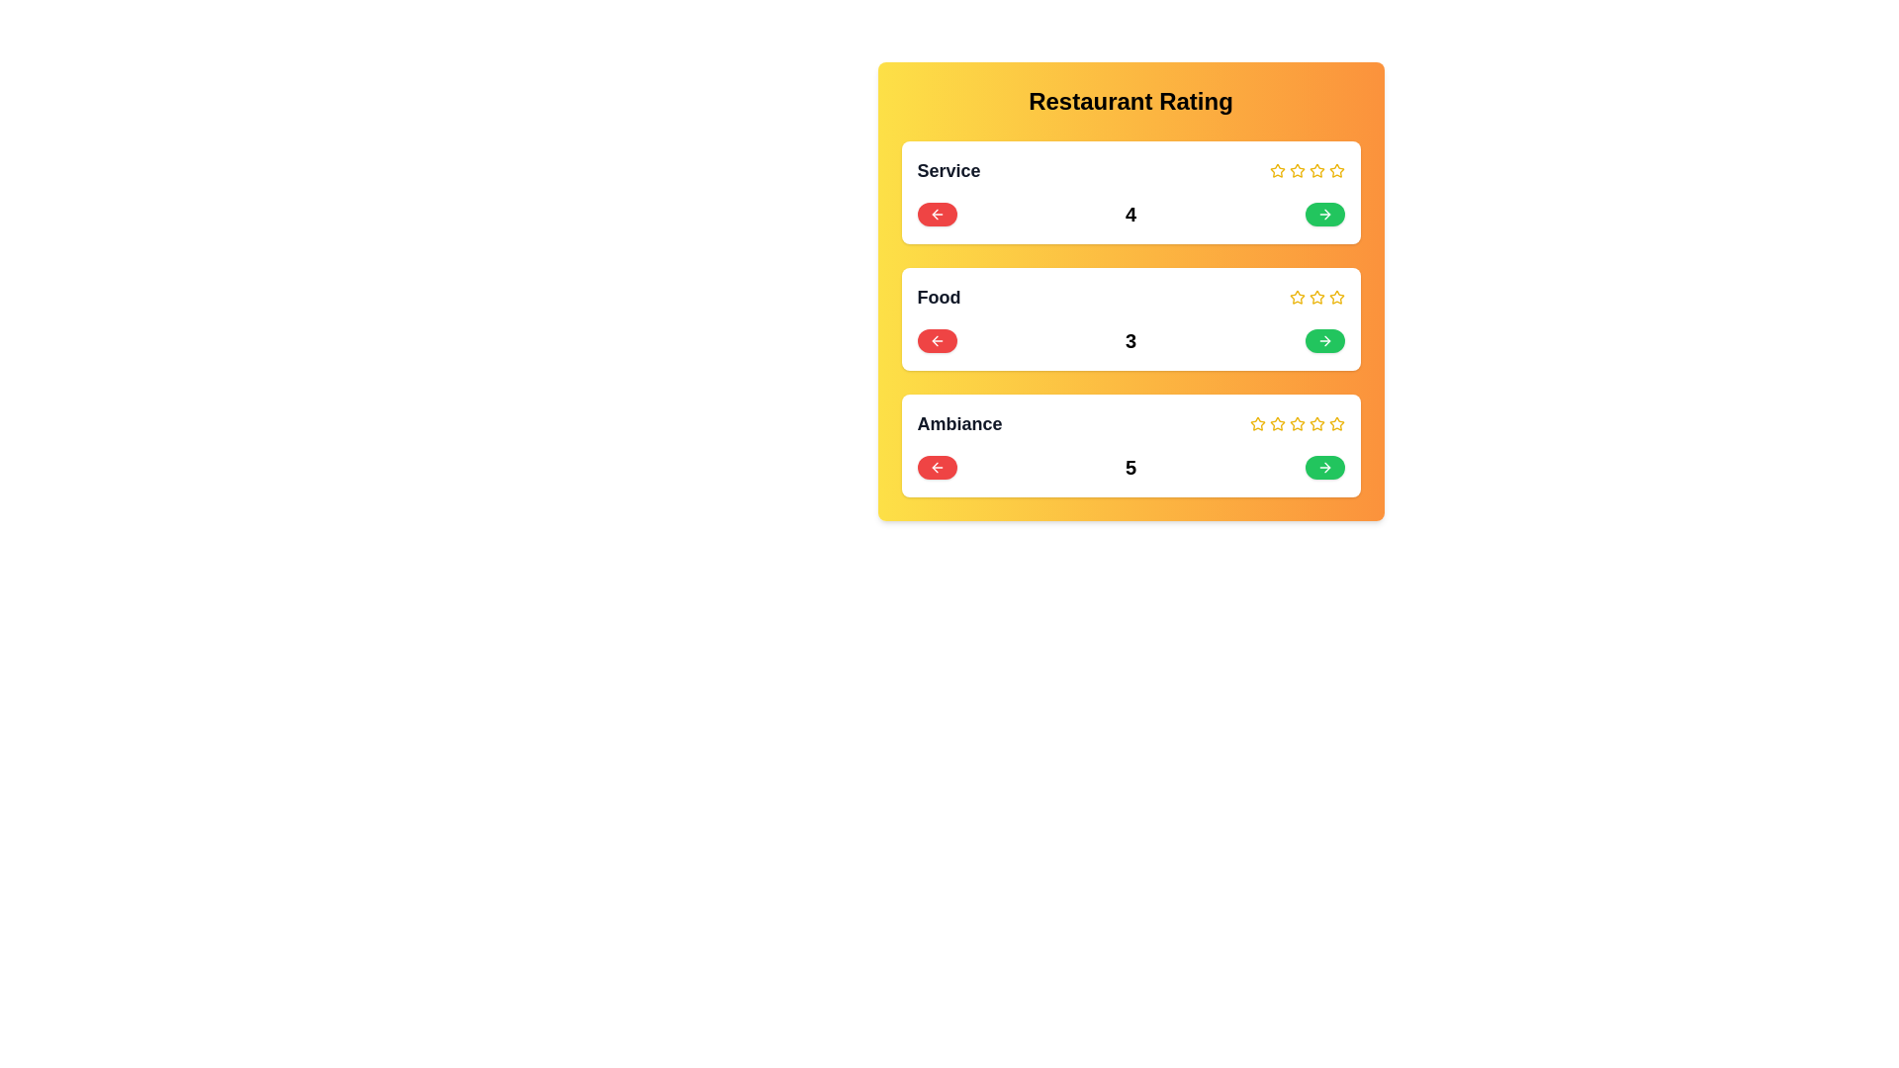 The image size is (1899, 1068). I want to click on 'Food' text label located in the top-left part of the second card from the top in a vertically stacked layout of three cards, so click(938, 297).